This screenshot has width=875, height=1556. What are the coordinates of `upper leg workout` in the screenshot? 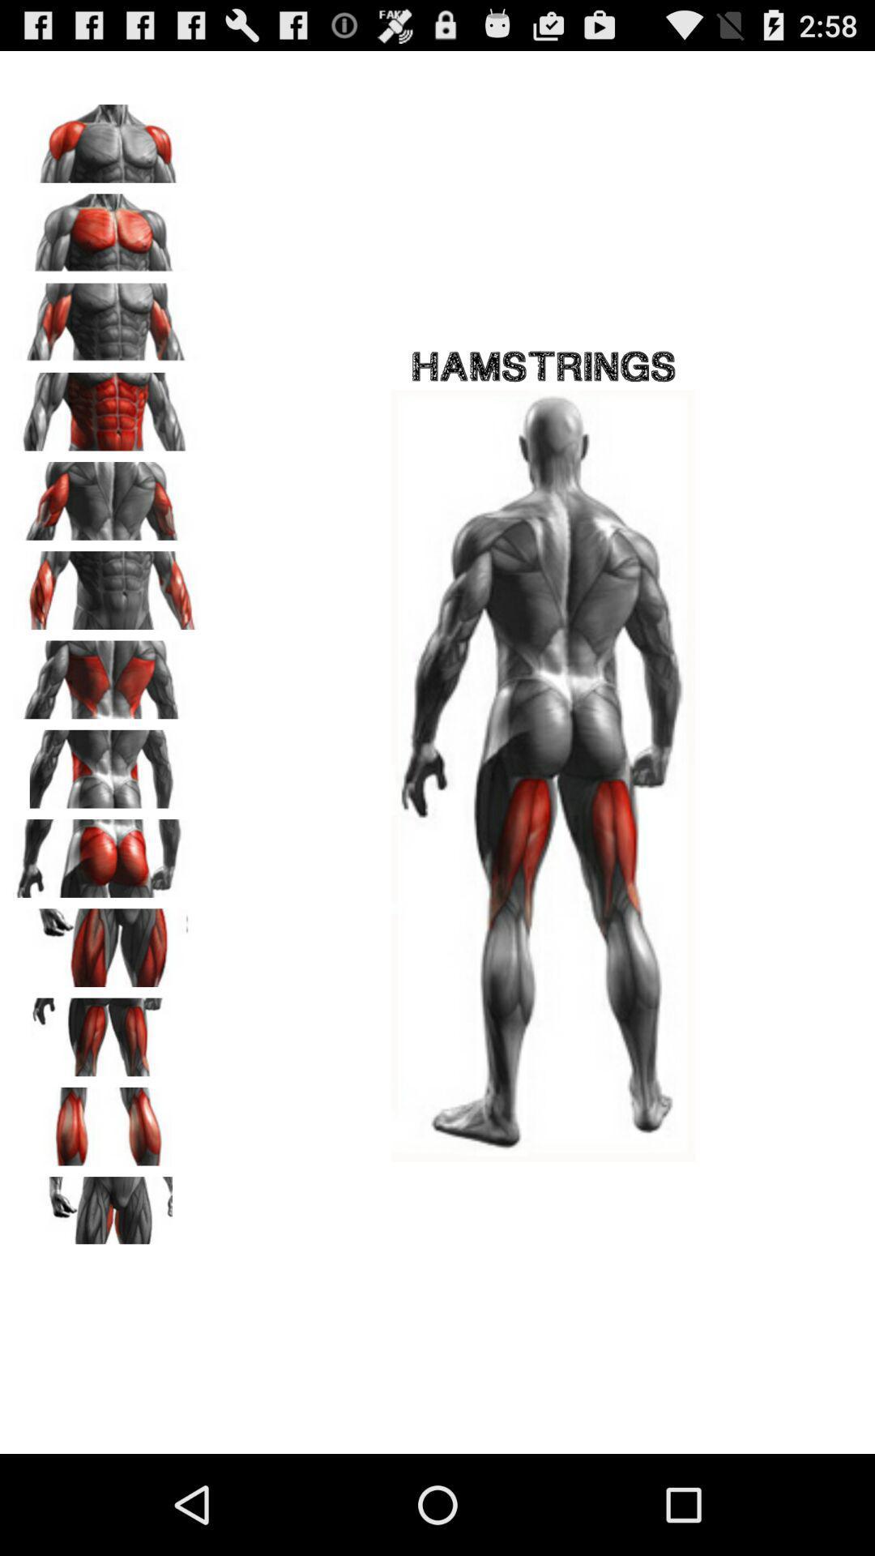 It's located at (106, 942).